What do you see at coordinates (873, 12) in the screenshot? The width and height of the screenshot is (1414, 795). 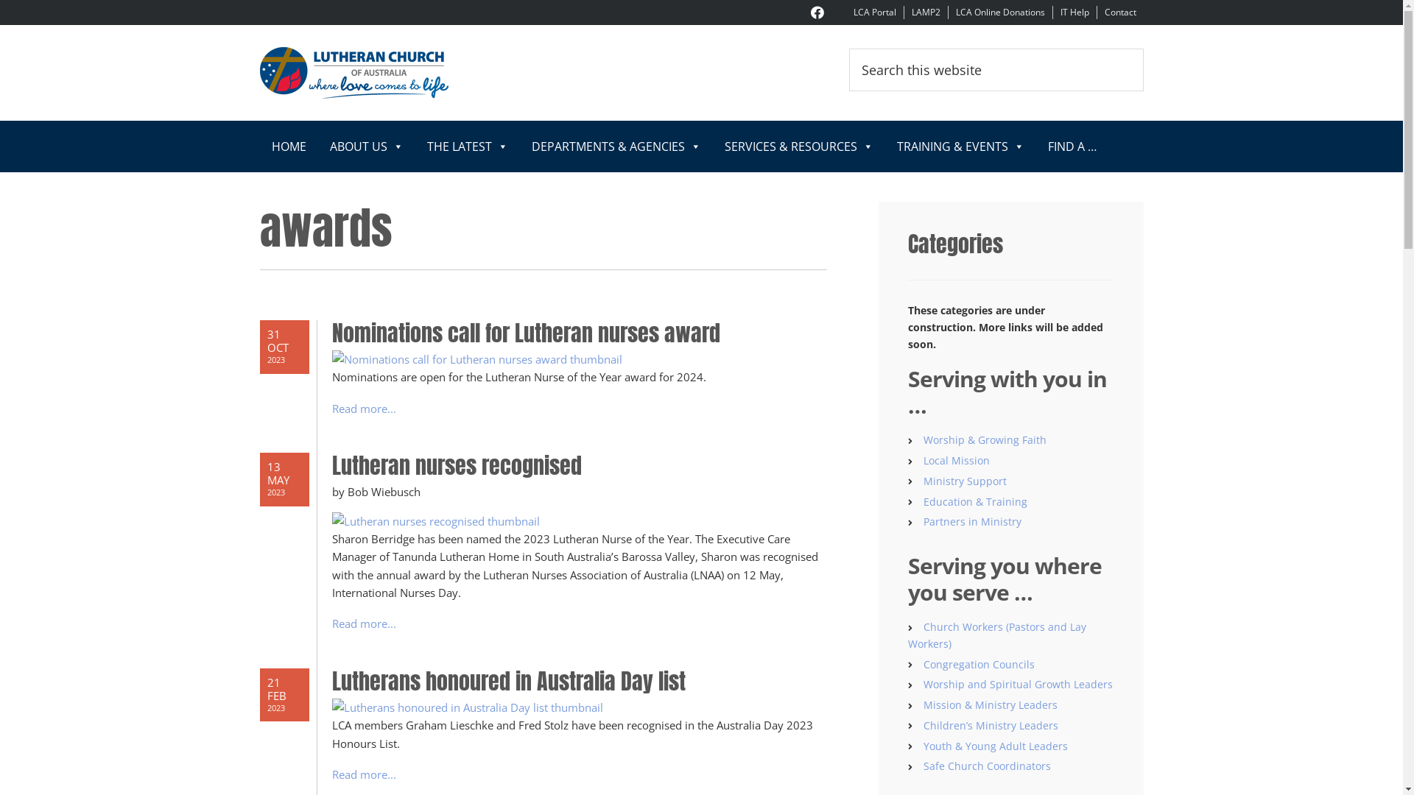 I see `'LCA Portal'` at bounding box center [873, 12].